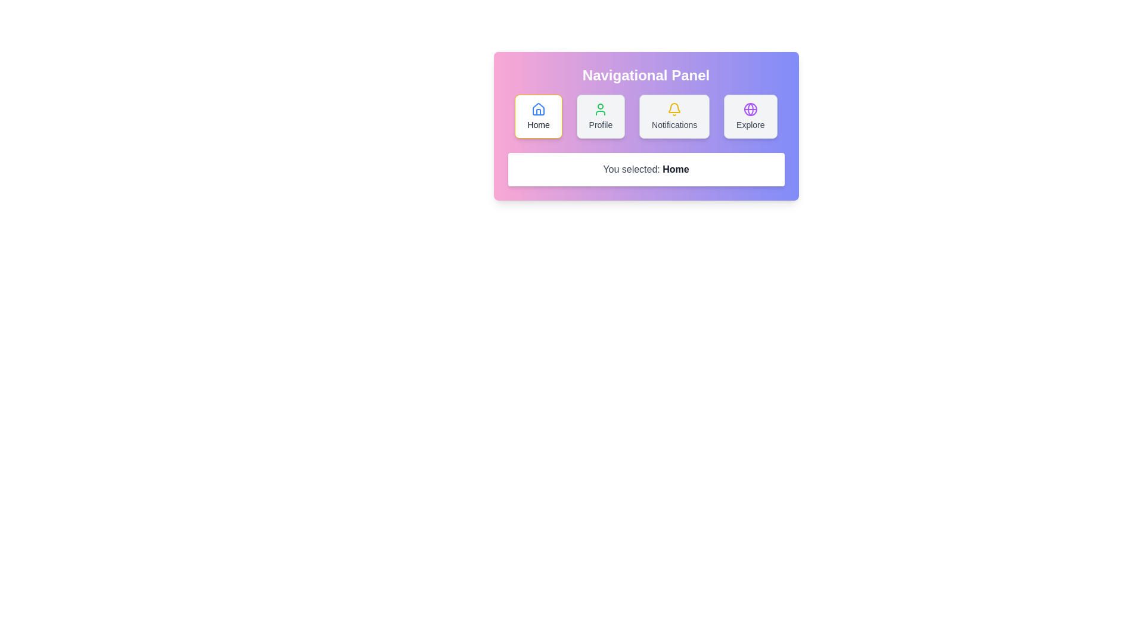 The image size is (1144, 643). I want to click on the 'Profile' button, which has a green user icon and is located to the right of the 'Home' button and to the left of the 'Notifications' button, so click(601, 117).